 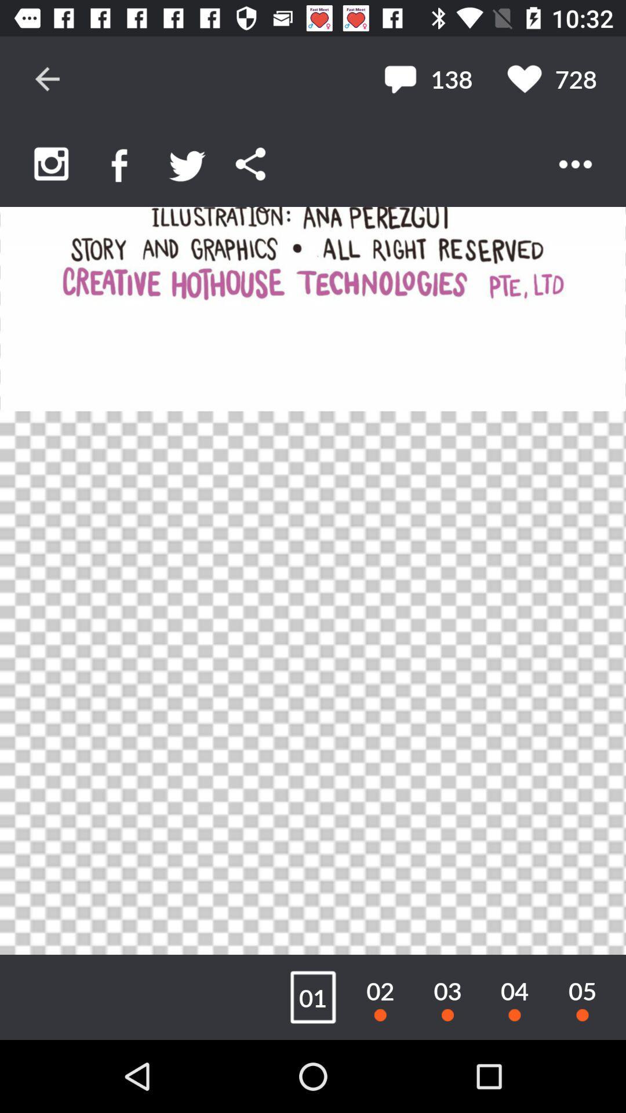 What do you see at coordinates (313, 996) in the screenshot?
I see `the 01 icon` at bounding box center [313, 996].